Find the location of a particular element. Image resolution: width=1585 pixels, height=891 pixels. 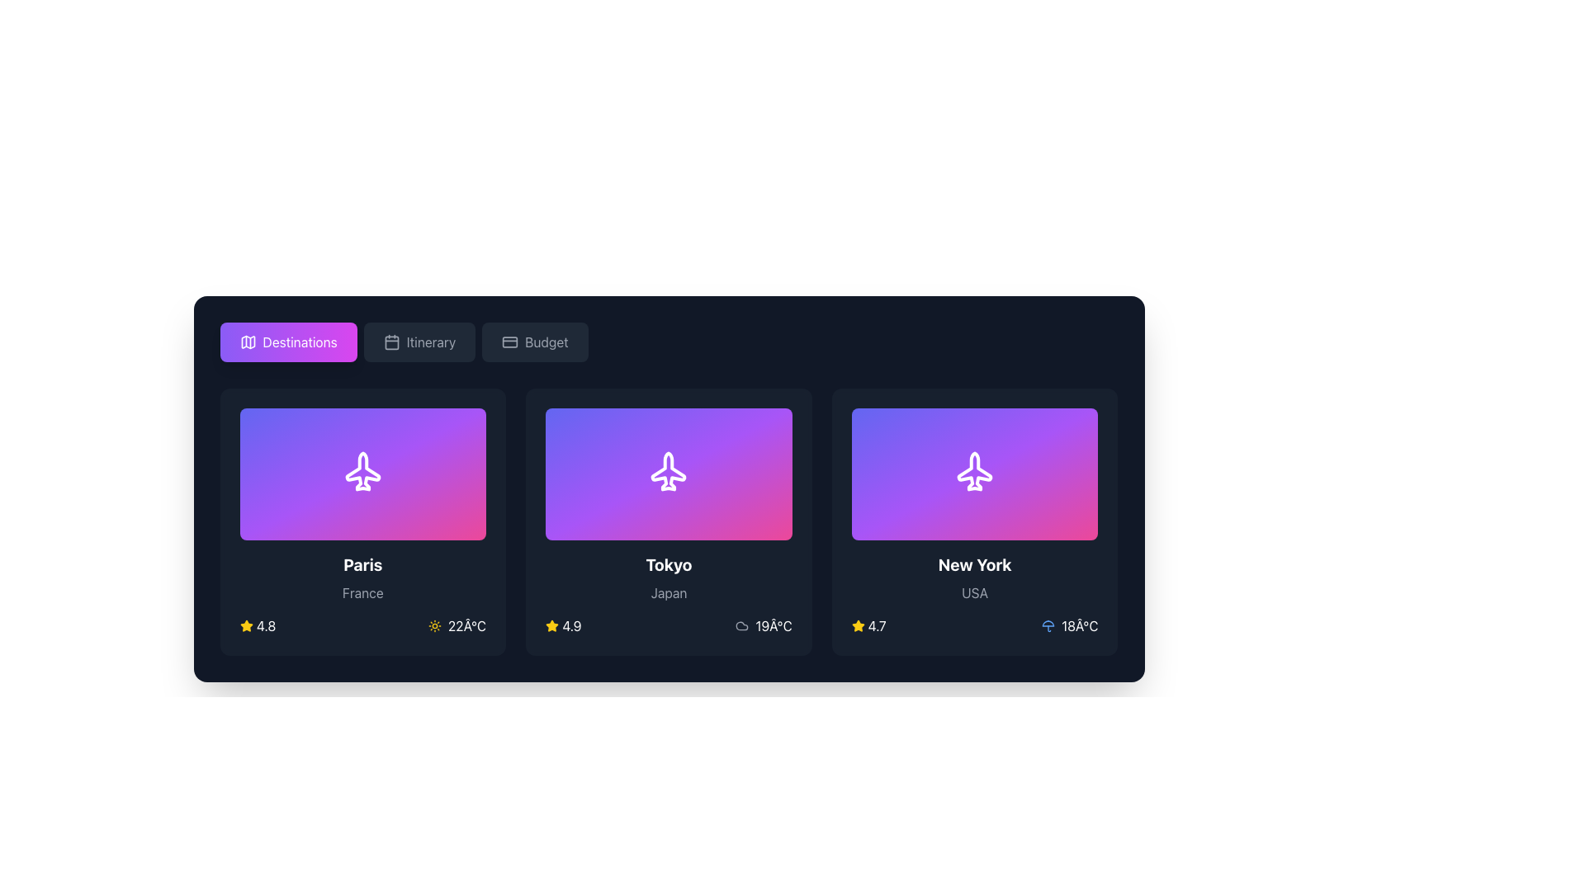

the third stylized information card in the grid layout is located at coordinates (975, 521).